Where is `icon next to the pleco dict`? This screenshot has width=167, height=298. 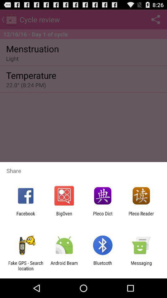 icon next to the pleco dict is located at coordinates (141, 216).